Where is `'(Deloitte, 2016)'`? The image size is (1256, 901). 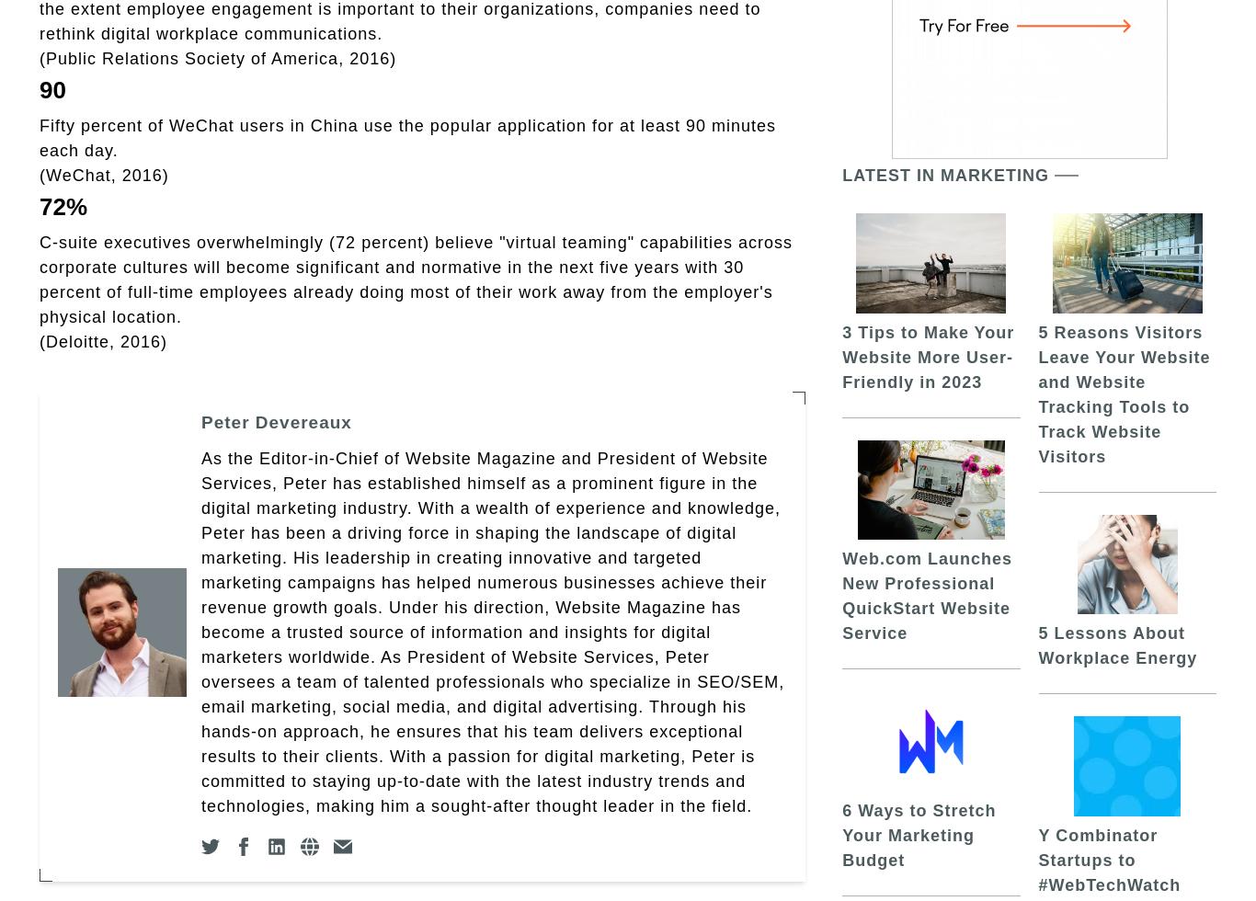 '(Deloitte, 2016)' is located at coordinates (103, 341).